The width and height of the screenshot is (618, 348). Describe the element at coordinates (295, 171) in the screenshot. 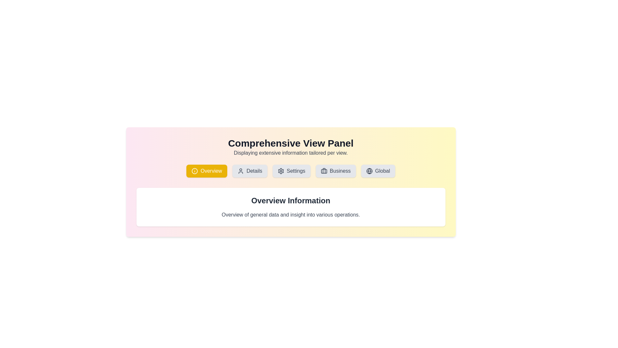

I see `the 'Settings' text label within the button component` at that location.